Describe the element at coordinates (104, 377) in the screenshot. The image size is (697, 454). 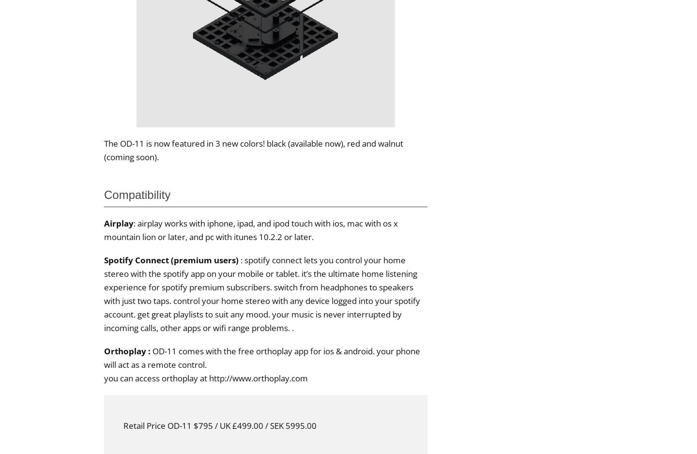
I see `'you can access orthoplay at http://www.orthoplay.com'` at that location.